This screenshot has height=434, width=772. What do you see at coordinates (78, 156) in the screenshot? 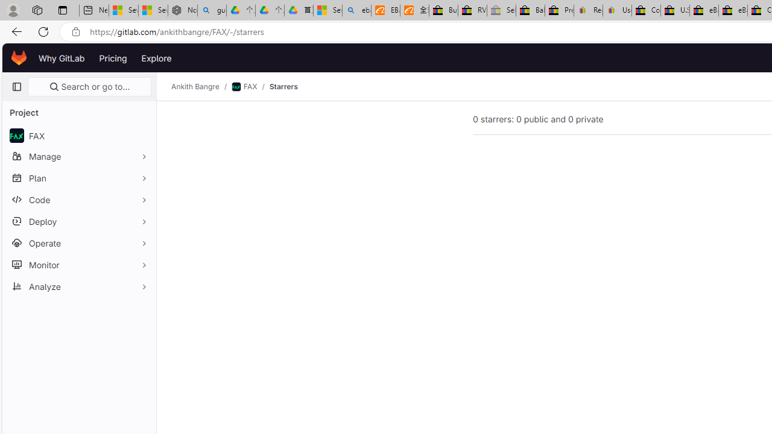
I see `'Manage'` at bounding box center [78, 156].